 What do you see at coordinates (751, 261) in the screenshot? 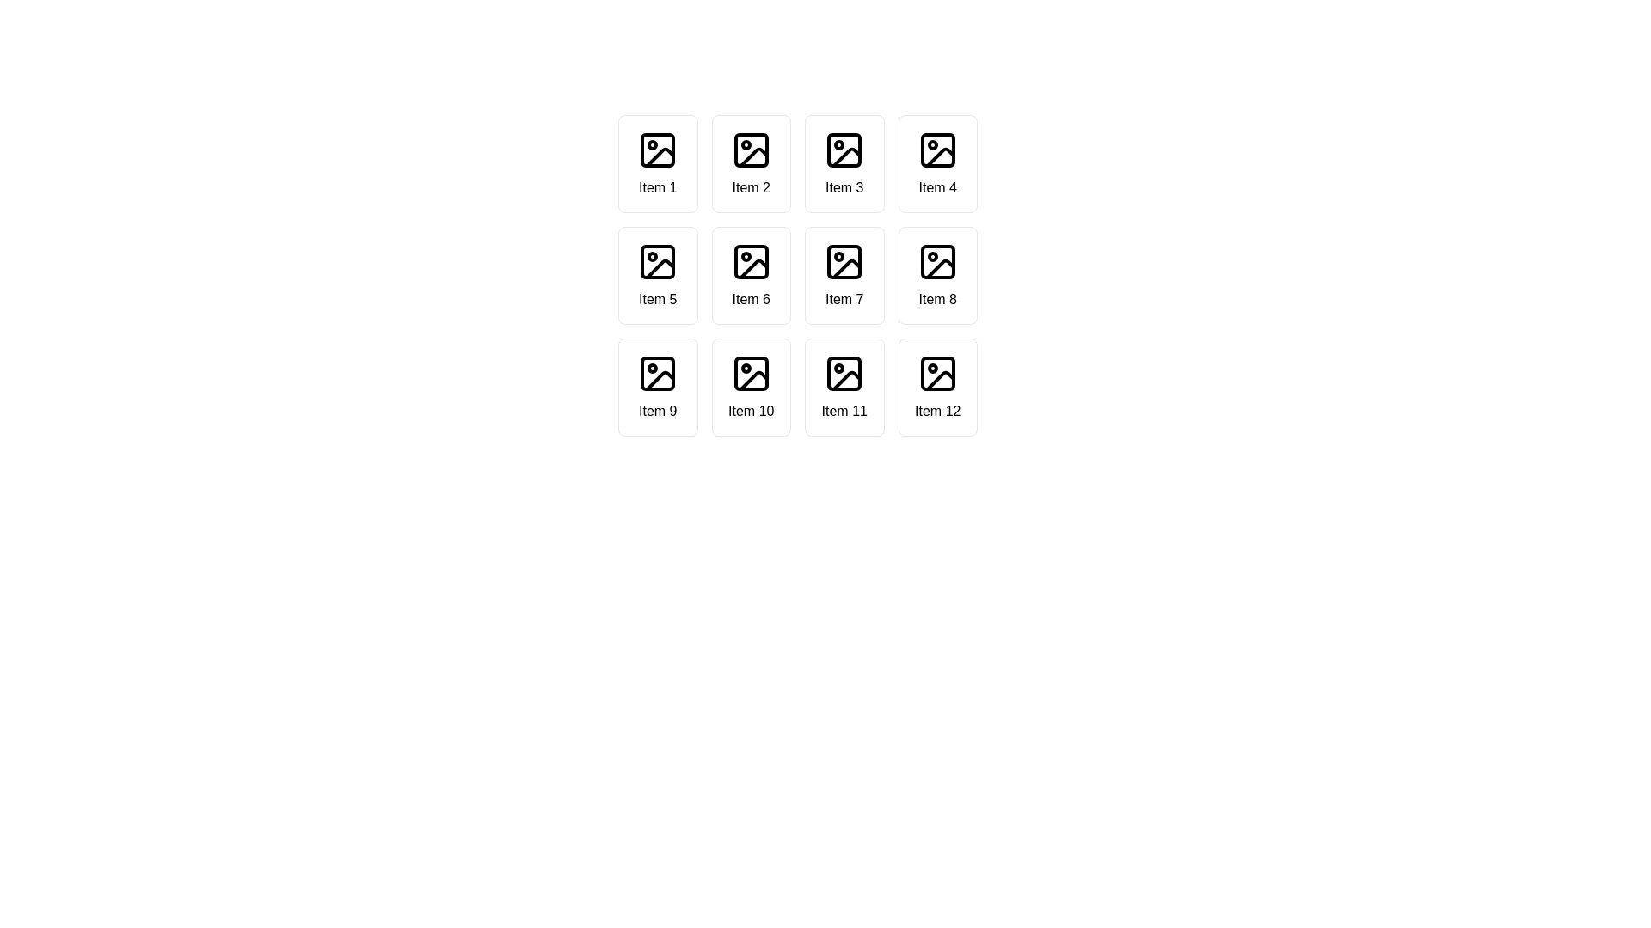
I see `the icon representing images or photos located at the center of 'Item 6', the second item in the second row of the grid` at bounding box center [751, 261].